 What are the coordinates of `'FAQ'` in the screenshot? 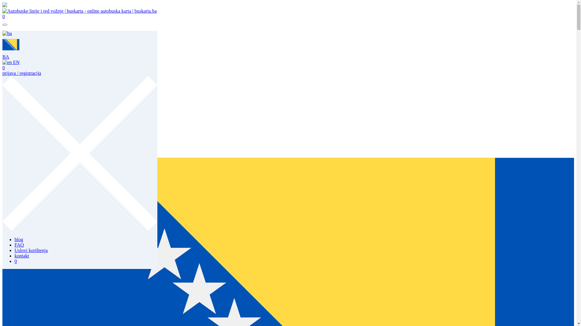 It's located at (19, 39).